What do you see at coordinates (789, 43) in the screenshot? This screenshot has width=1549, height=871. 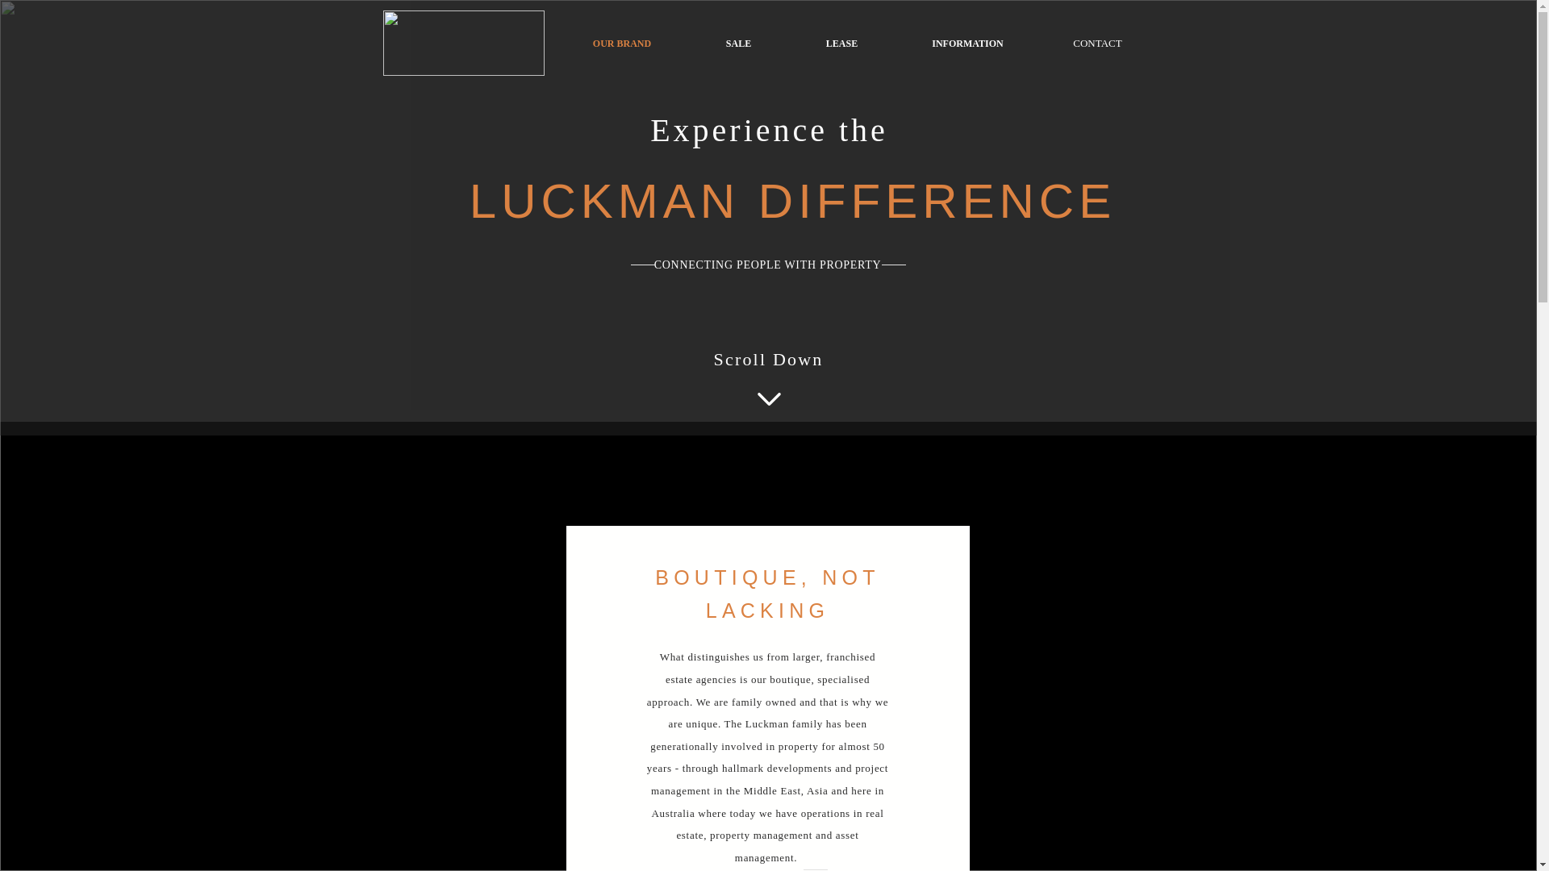 I see `'LEASE'` at bounding box center [789, 43].